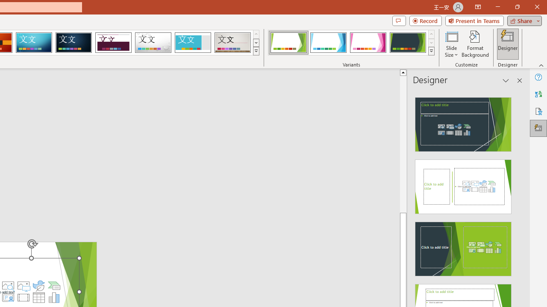  What do you see at coordinates (74, 43) in the screenshot?
I see `'Damask'` at bounding box center [74, 43].